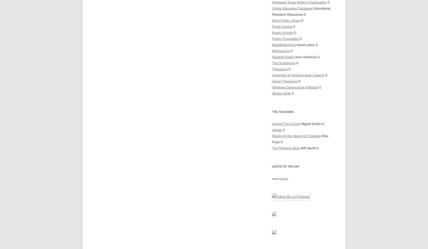  What do you see at coordinates (275, 179) in the screenshot?
I see `'more'` at bounding box center [275, 179].